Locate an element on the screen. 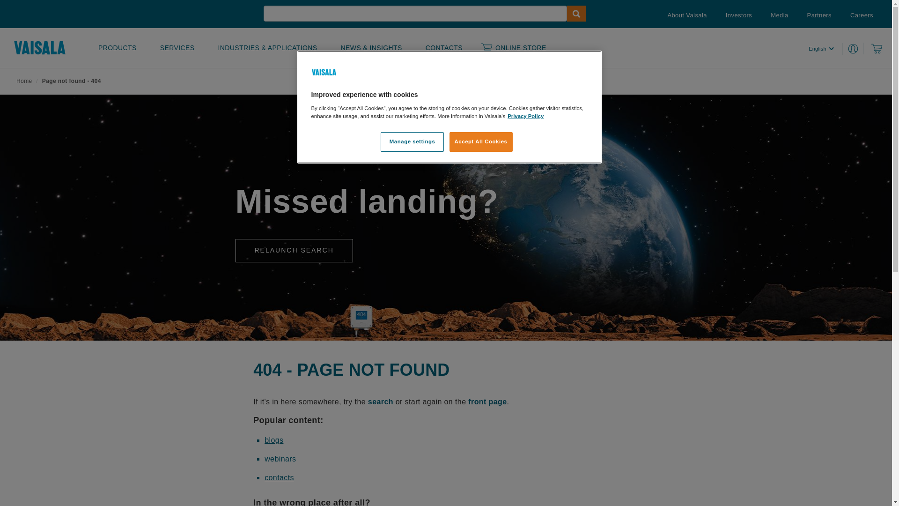 This screenshot has height=506, width=899. 'About Vaisala' is located at coordinates (687, 15).